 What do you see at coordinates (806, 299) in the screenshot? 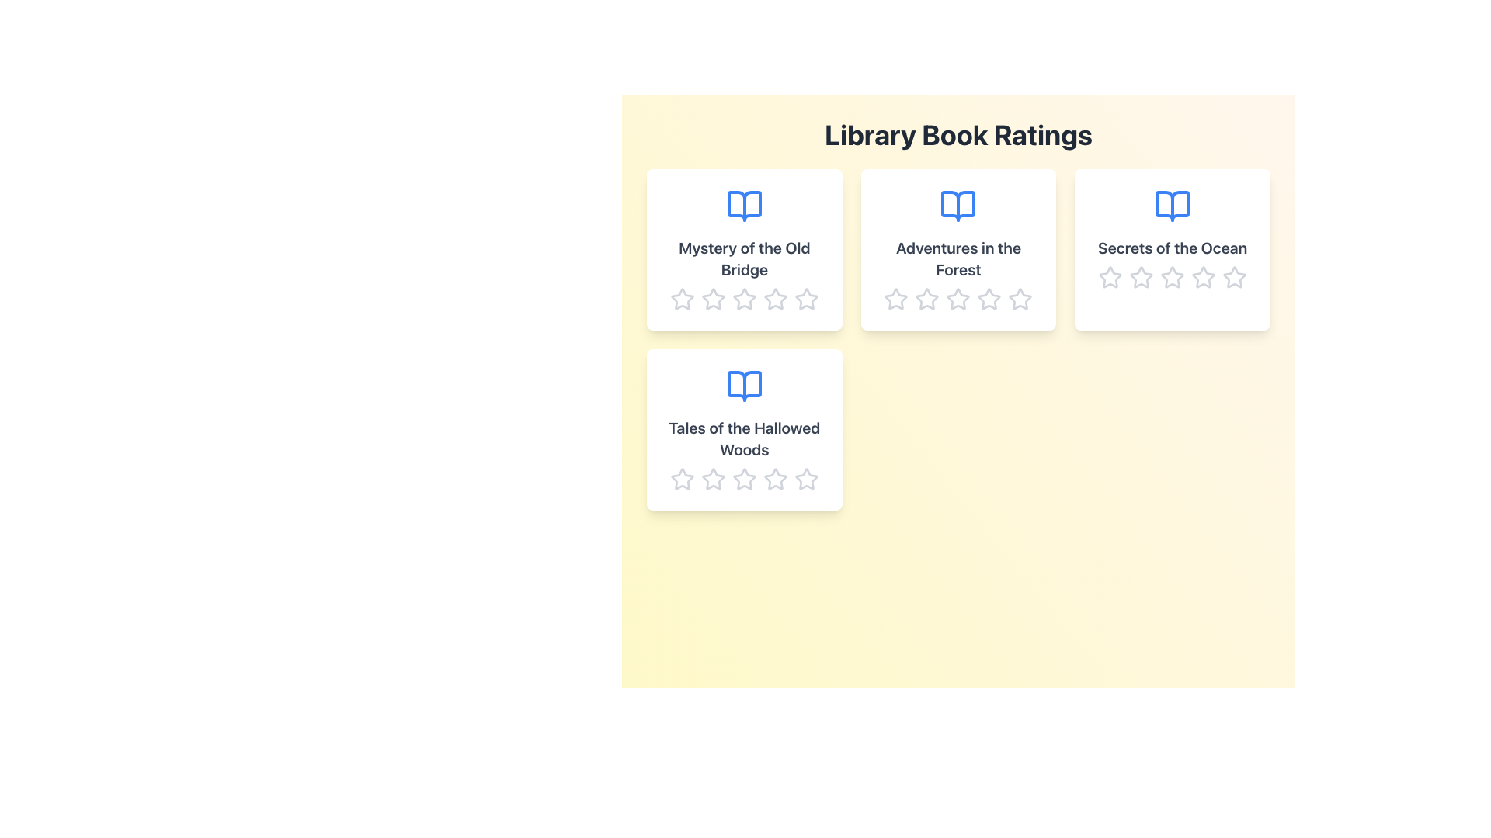
I see `the second star in the row of five rating stars for the book 'Mystery of the Old Bridge'` at bounding box center [806, 299].